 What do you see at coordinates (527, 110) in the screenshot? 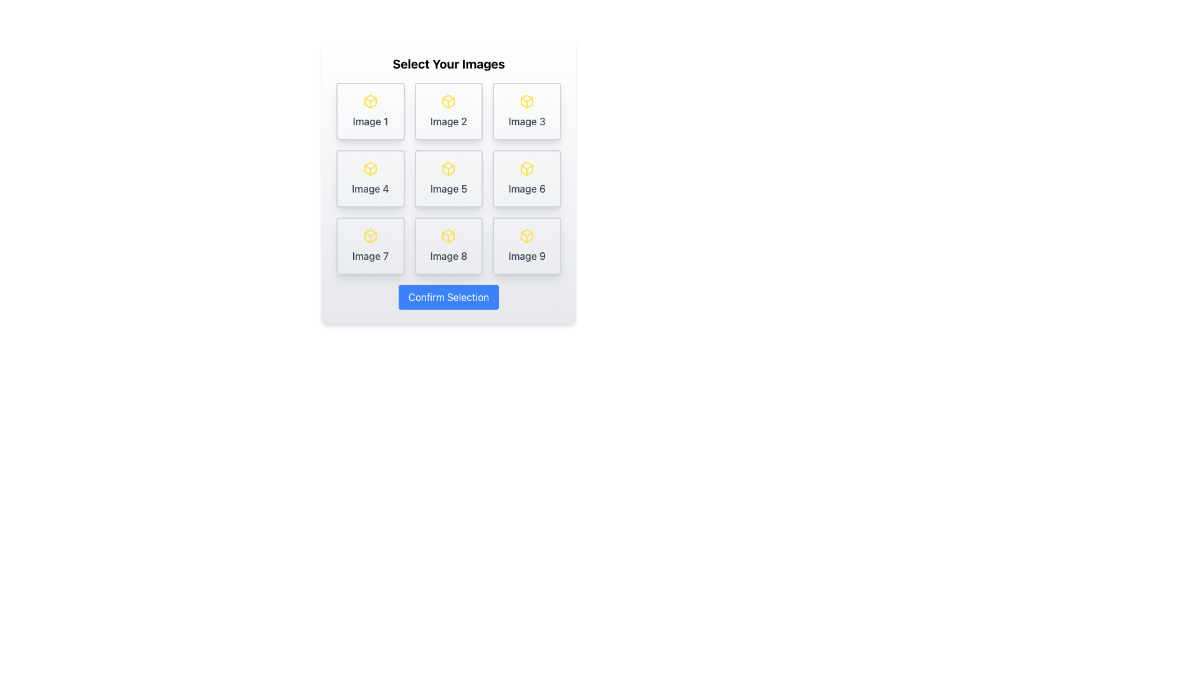
I see `the selectable card labeled 'Image 3' located in the top-right corner of the grid` at bounding box center [527, 110].